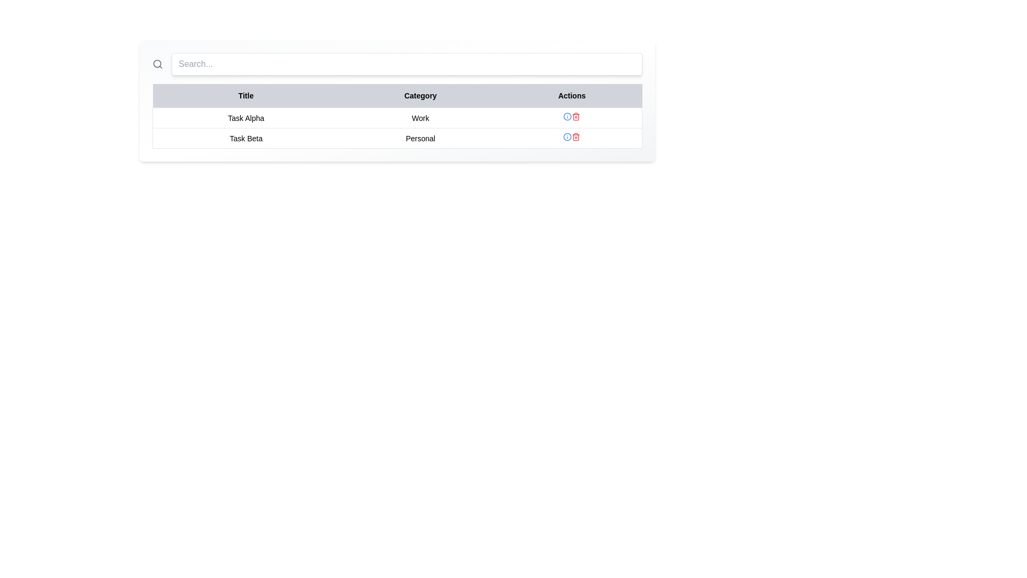  Describe the element at coordinates (571, 95) in the screenshot. I see `the 'Actions' header text, which is styled in bold black font on a gray background and is the rightmost label in the table header row` at that location.